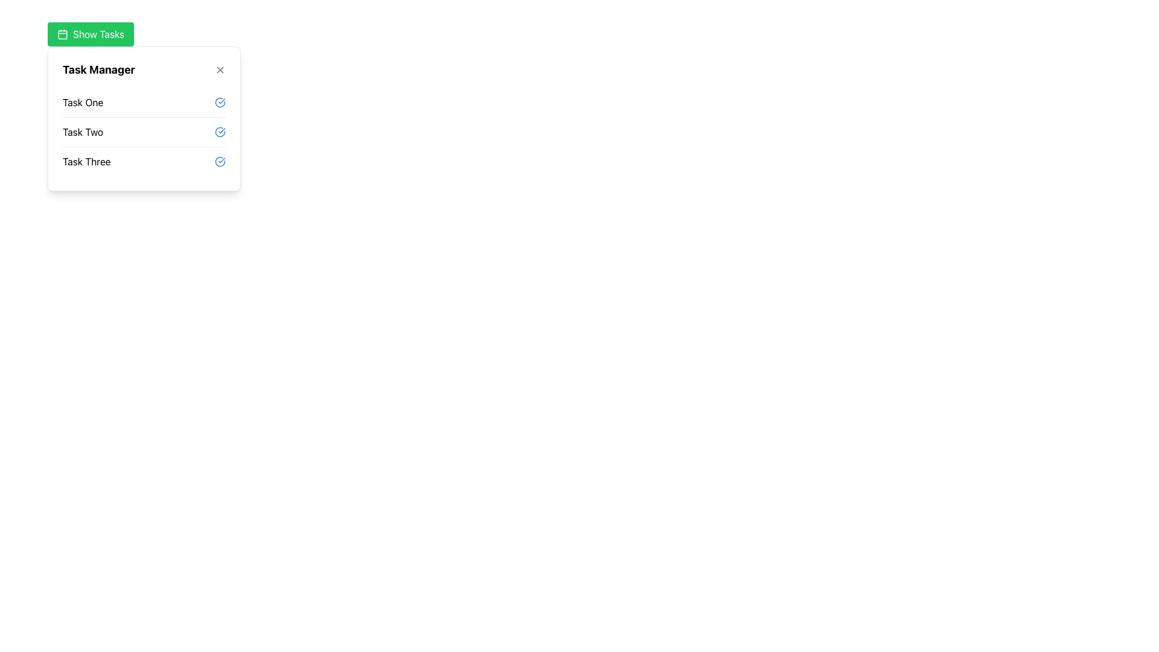 The width and height of the screenshot is (1159, 652). What do you see at coordinates (82, 101) in the screenshot?
I see `the text label displaying 'Task One'` at bounding box center [82, 101].